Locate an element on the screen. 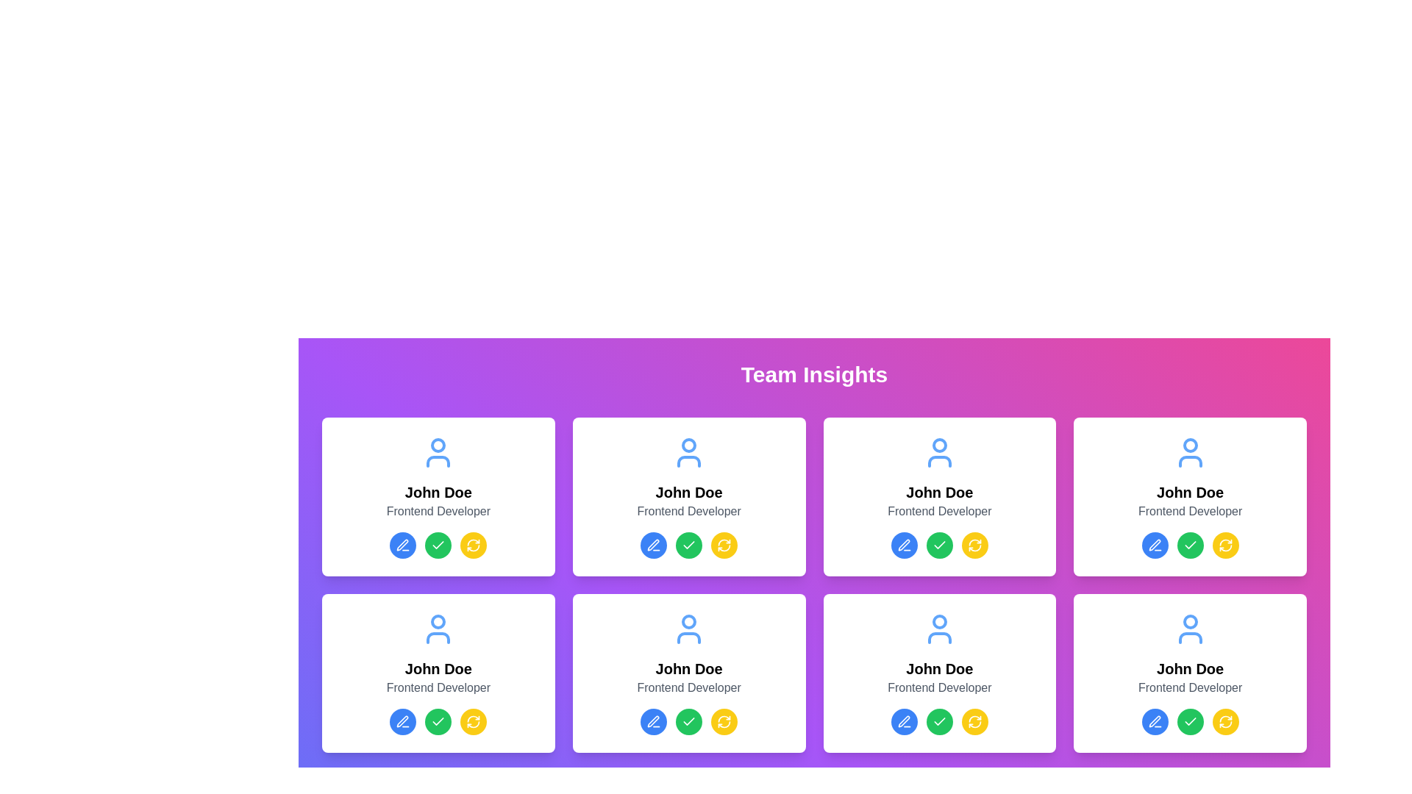 The width and height of the screenshot is (1412, 794). the edit button with a pen icon located in the top-left corner of the first user profile card in the second row, below the purple banner labeled 'Team Insights' to initiate an edit action is located at coordinates (653, 545).